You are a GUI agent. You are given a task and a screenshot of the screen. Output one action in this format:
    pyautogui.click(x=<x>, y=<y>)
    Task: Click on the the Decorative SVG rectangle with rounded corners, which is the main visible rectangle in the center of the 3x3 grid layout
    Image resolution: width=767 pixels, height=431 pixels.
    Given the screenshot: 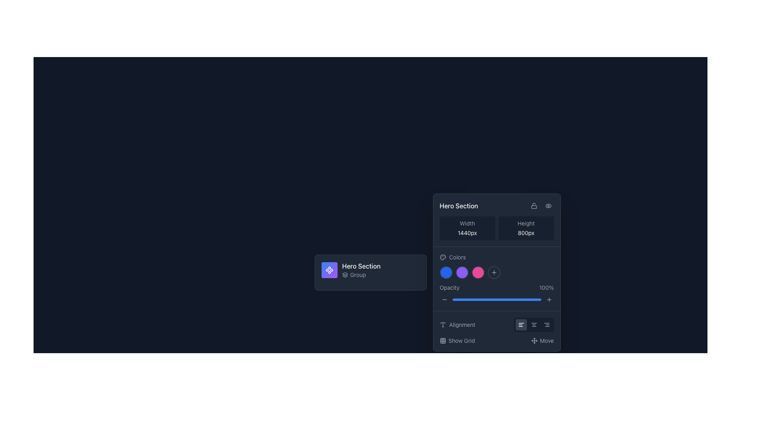 What is the action you would take?
    pyautogui.click(x=442, y=340)
    